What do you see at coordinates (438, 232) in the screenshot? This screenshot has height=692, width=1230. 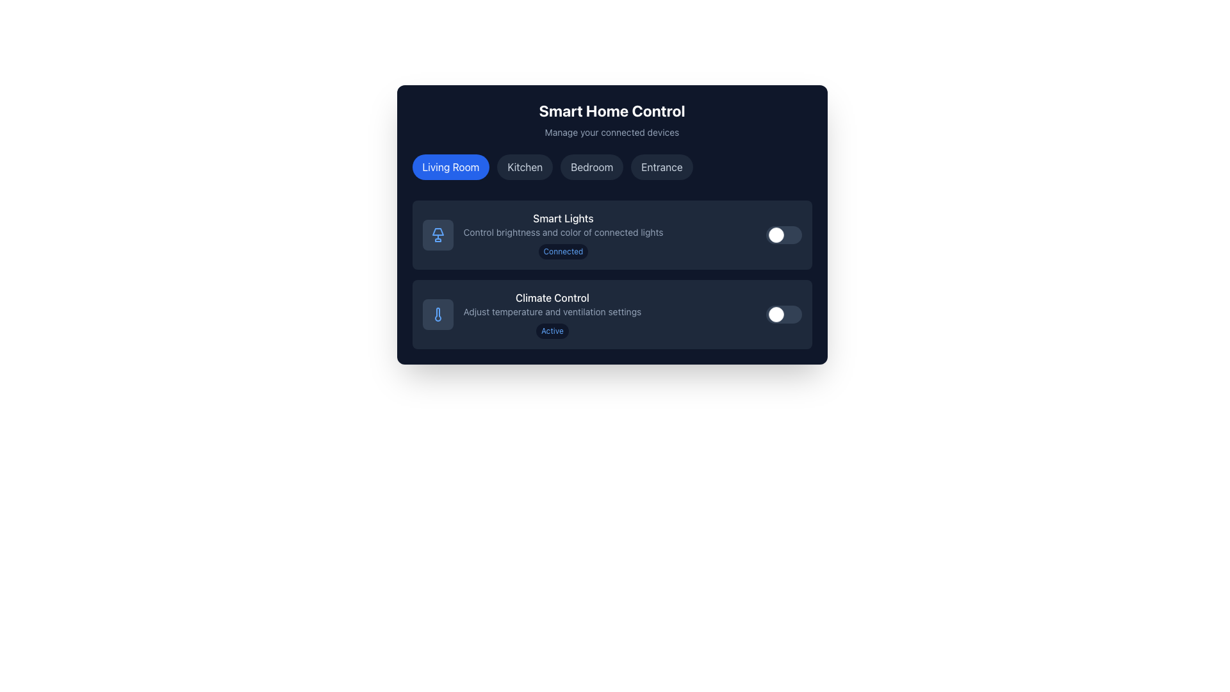 I see `the lighting icon located to the left of the 'Smart Lights' text label in the brightness control section` at bounding box center [438, 232].